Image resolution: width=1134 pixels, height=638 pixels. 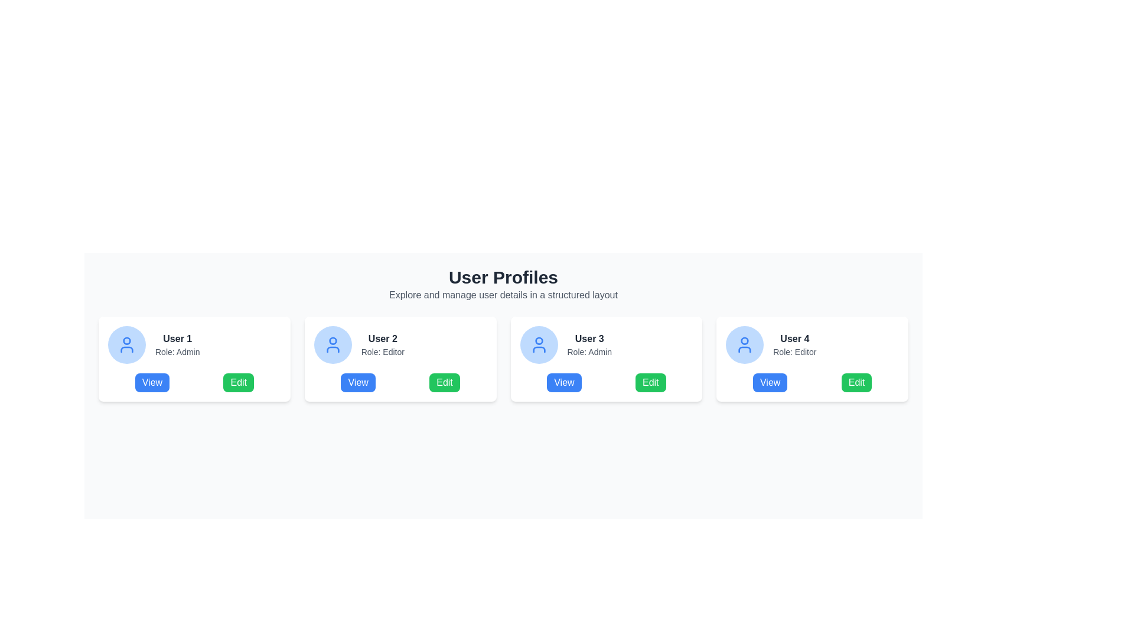 I want to click on the informational text display that shows the name and role of an individual (User 1, Admin) in the first user profile card, located above the 'View' and 'Edit' buttons, so click(x=194, y=344).